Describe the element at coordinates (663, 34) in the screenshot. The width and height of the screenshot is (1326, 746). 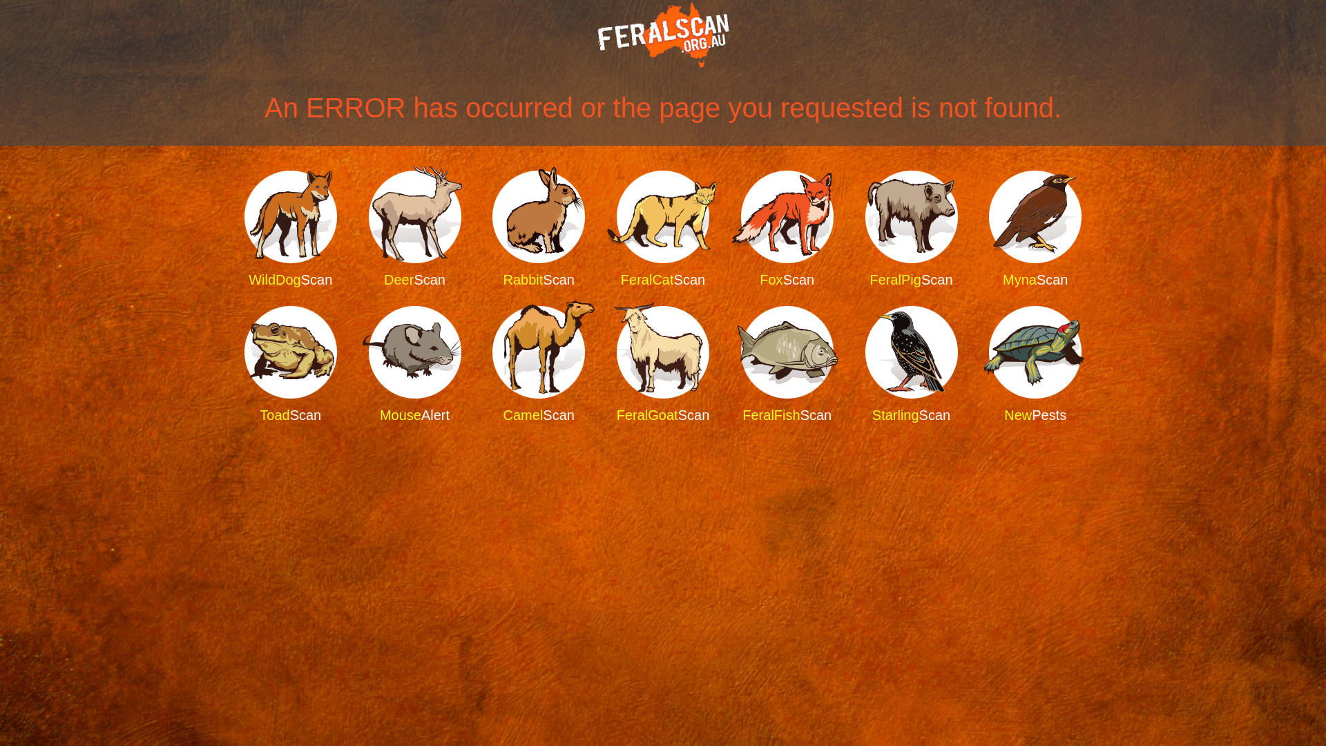
I see `'FeralScan'` at that location.